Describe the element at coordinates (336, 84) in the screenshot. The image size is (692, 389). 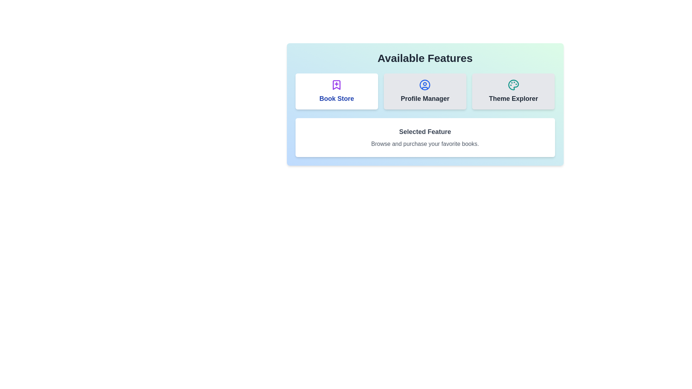
I see `the purple bookmark icon with a '+' symbol at the top-center of the 'Book Store' card` at that location.